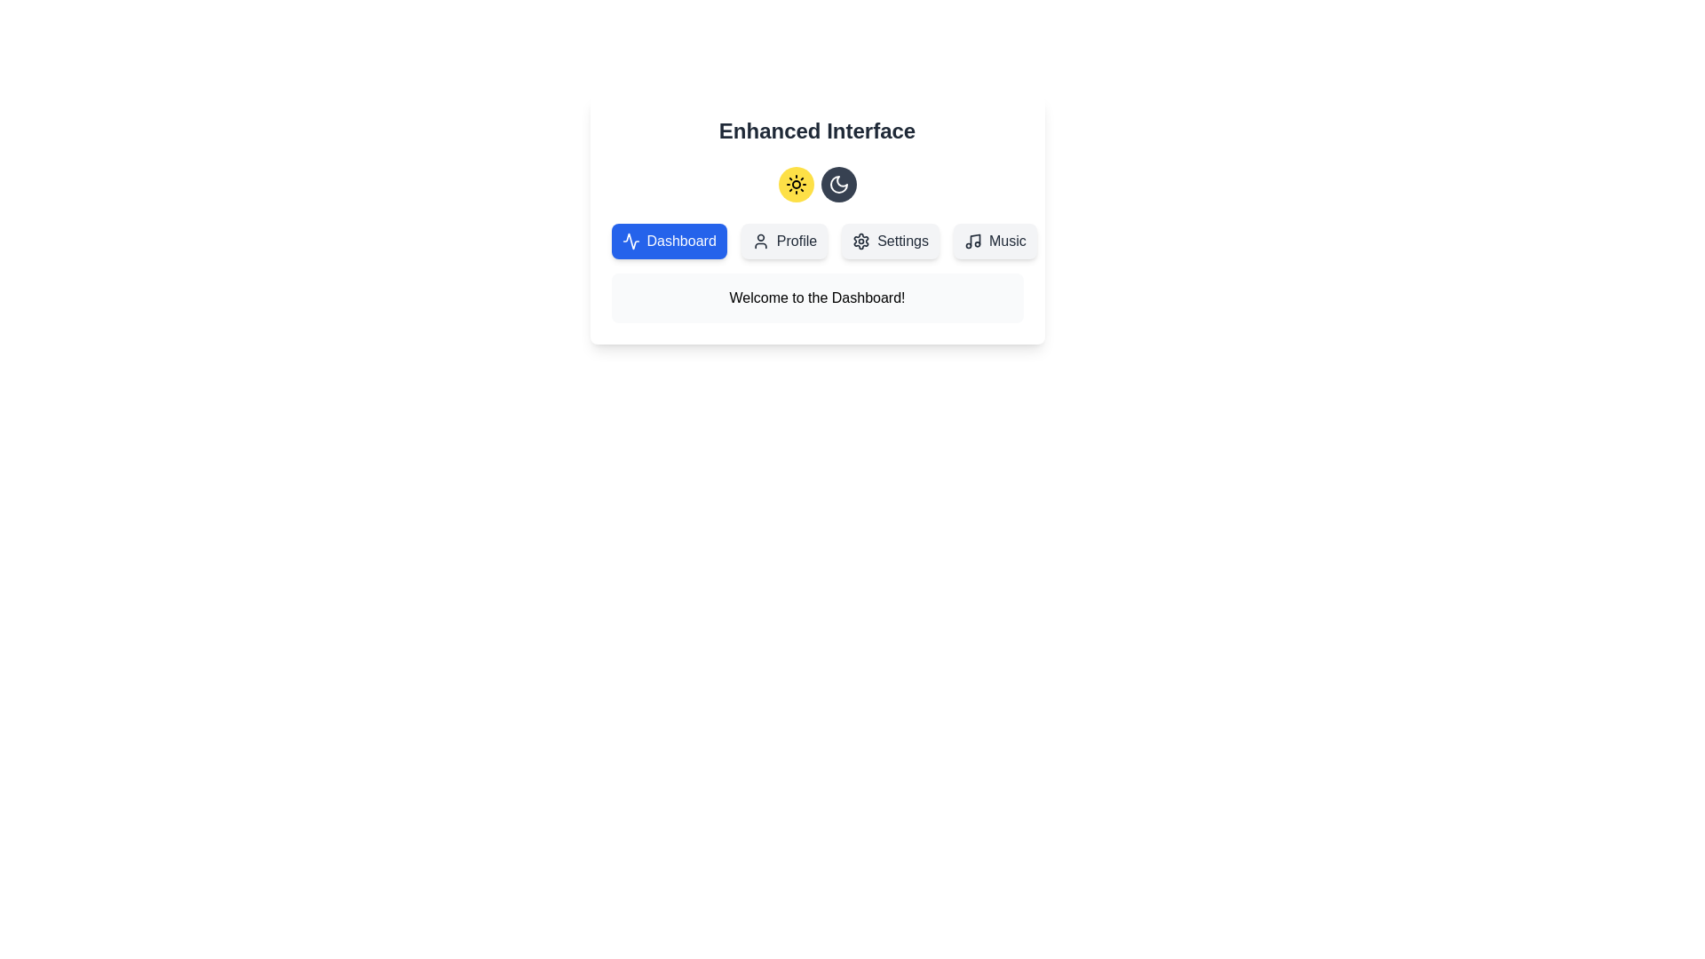  Describe the element at coordinates (816, 185) in the screenshot. I see `the left button of the toggle bar with a sun icon` at that location.